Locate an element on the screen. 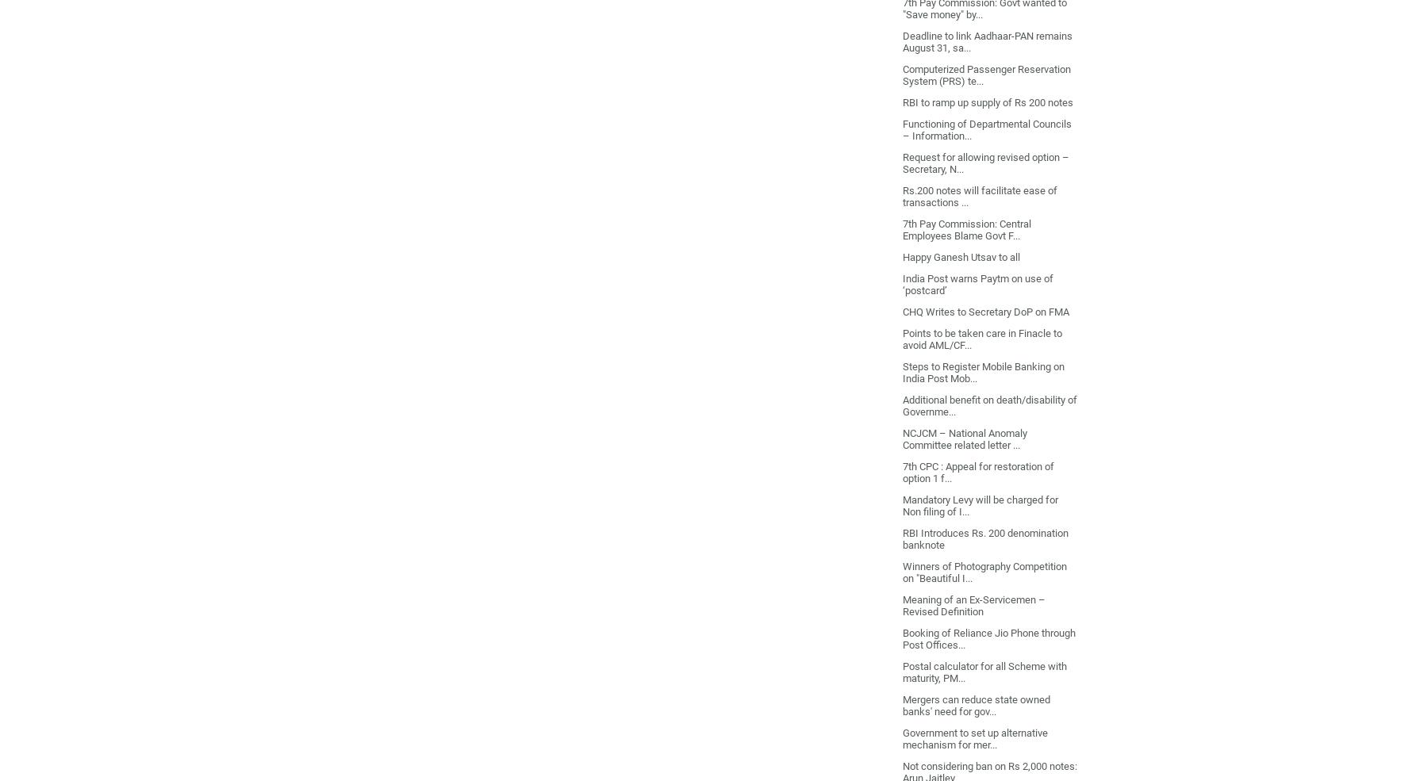 This screenshot has height=781, width=1416. 'Deadline to link Aadhaar-PAN remains August 31, sa...' is located at coordinates (902, 40).